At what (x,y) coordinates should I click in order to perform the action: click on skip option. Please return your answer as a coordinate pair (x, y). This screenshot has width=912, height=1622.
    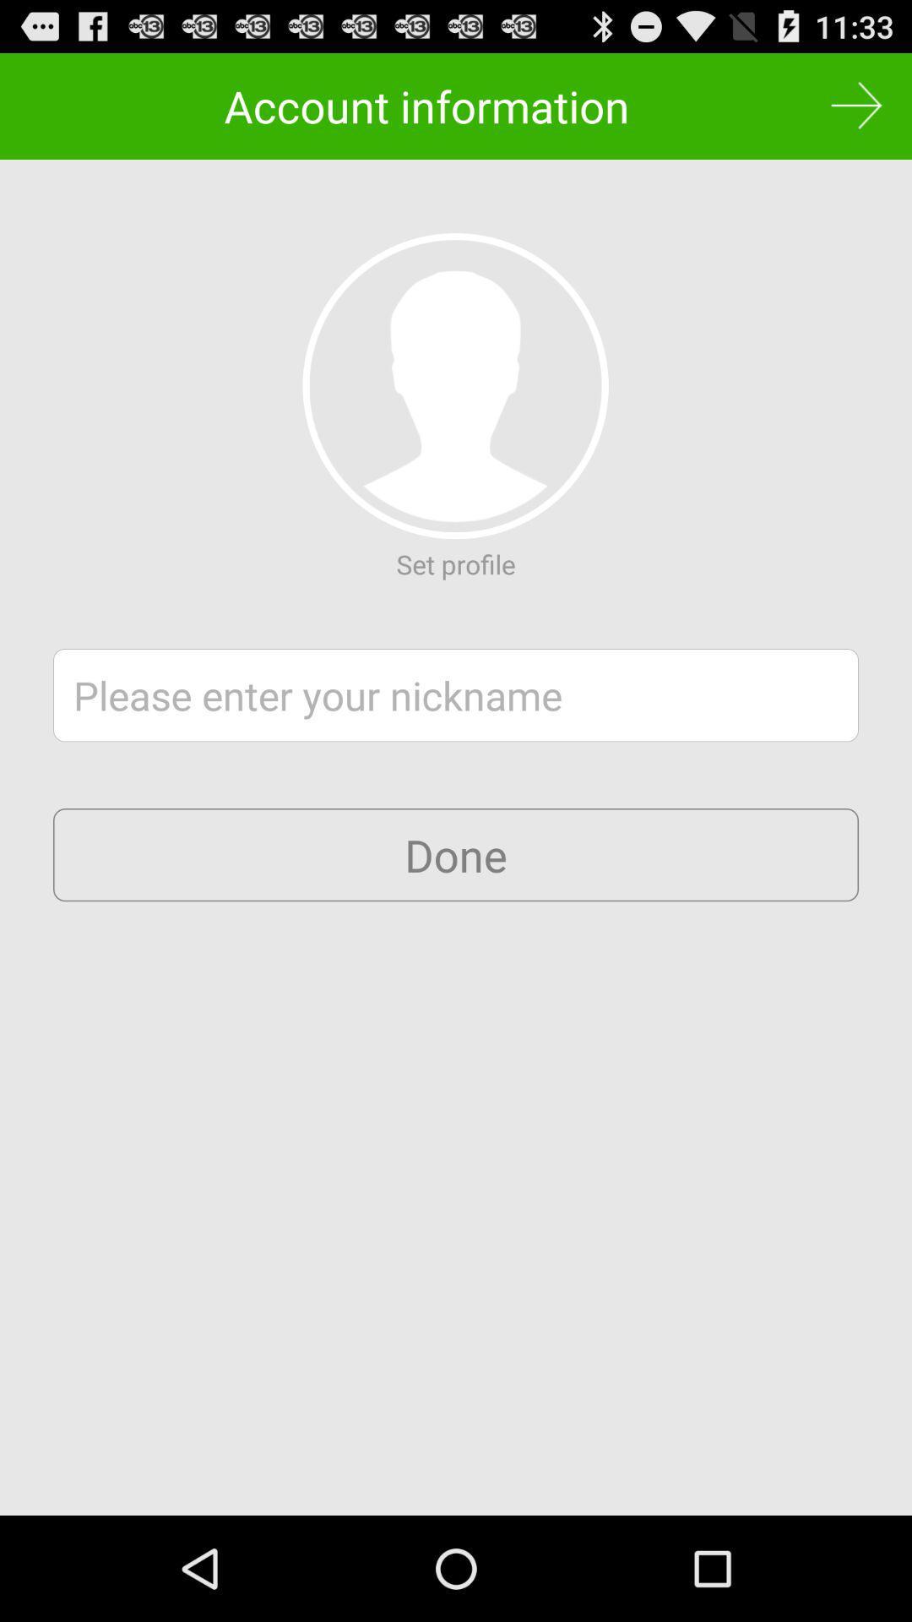
    Looking at the image, I should click on (856, 105).